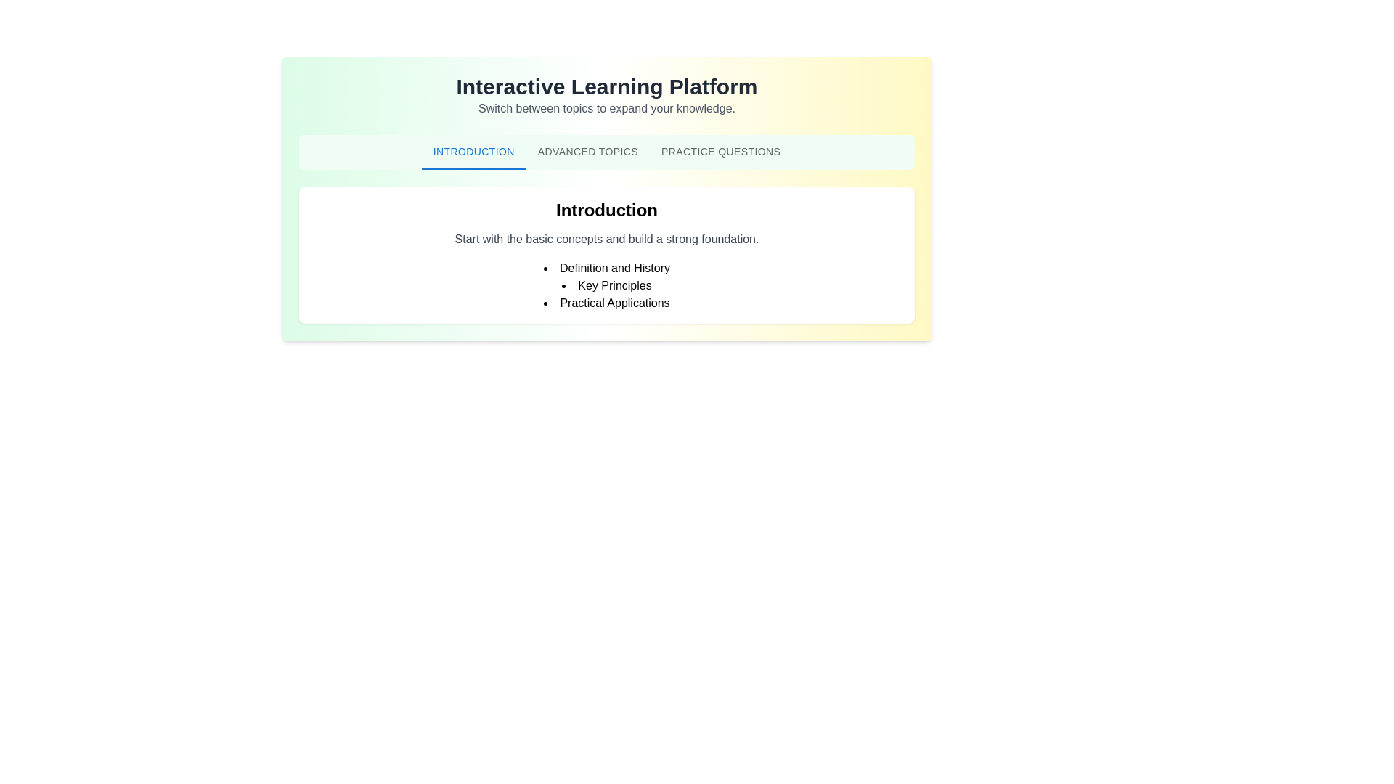 This screenshot has height=784, width=1394. Describe the element at coordinates (473, 168) in the screenshot. I see `the tab selector indicator located just below the 'Introduction' tab in the navigation menu to see the indicator move to neighboring tabs` at that location.